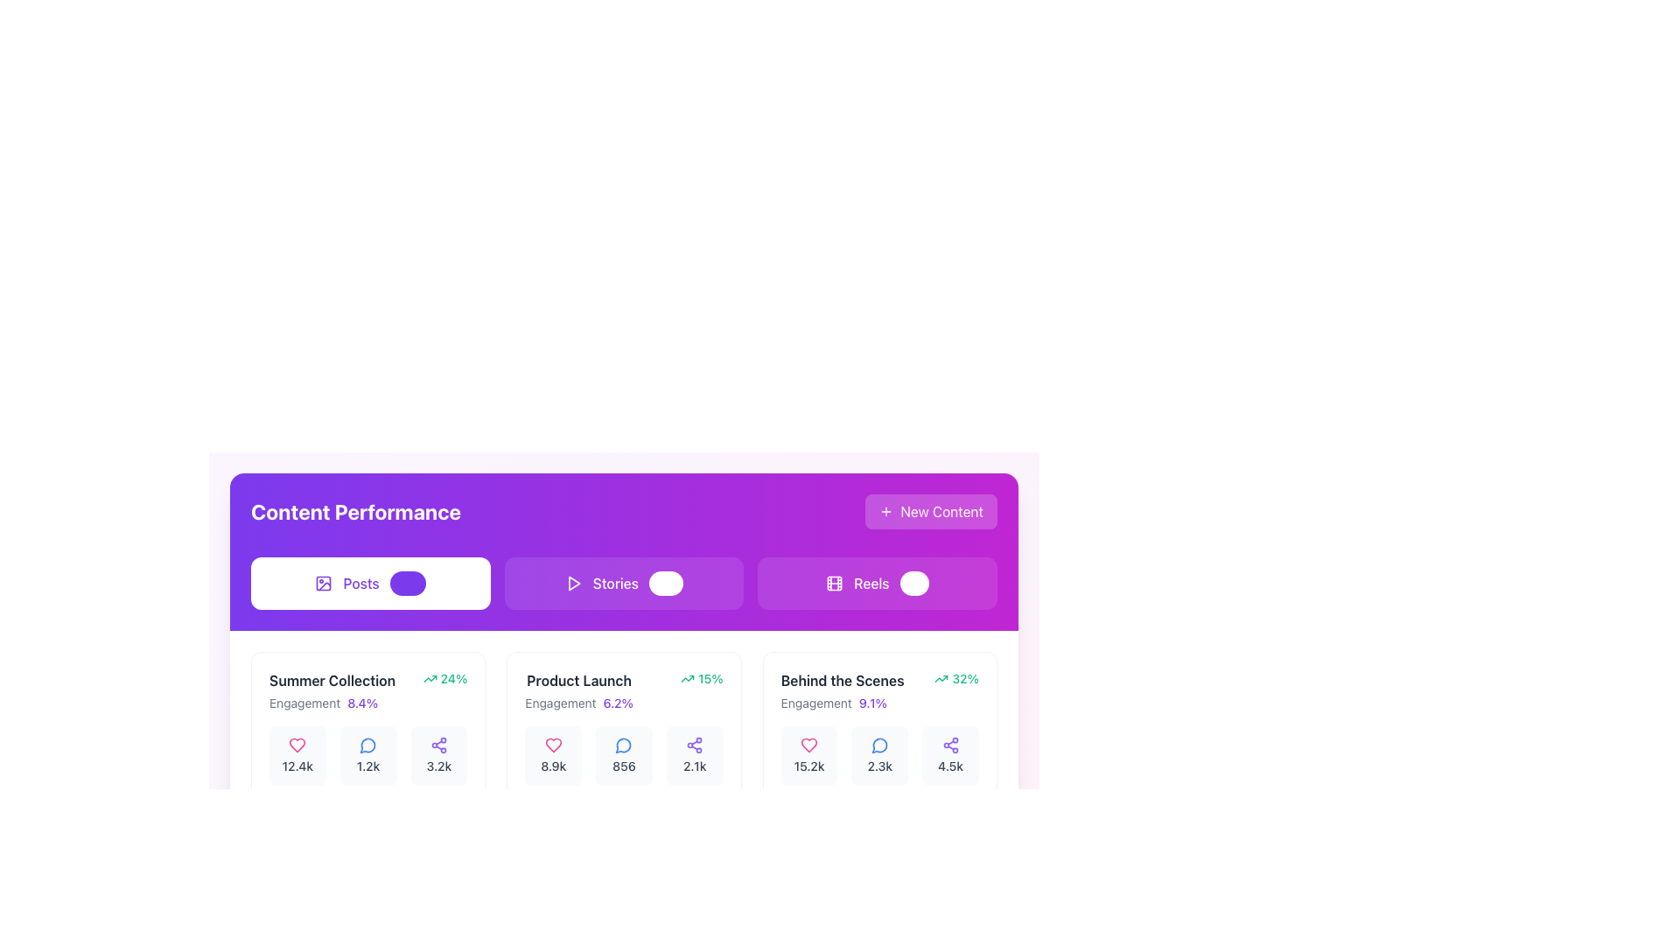  Describe the element at coordinates (304, 702) in the screenshot. I see `the 'Engagement' text label which describes the metric percentage '8.4%' in the 'Summer Collection' card located in the top-left section of the grid` at that location.